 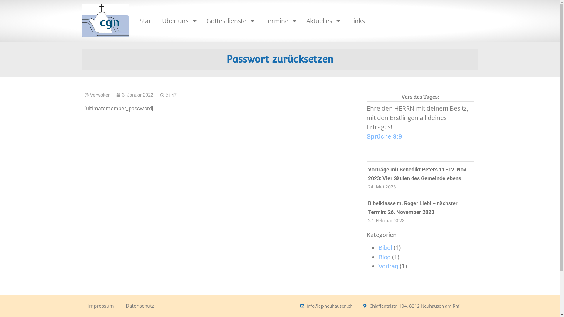 I want to click on 'Aktuelles', so click(x=323, y=21).